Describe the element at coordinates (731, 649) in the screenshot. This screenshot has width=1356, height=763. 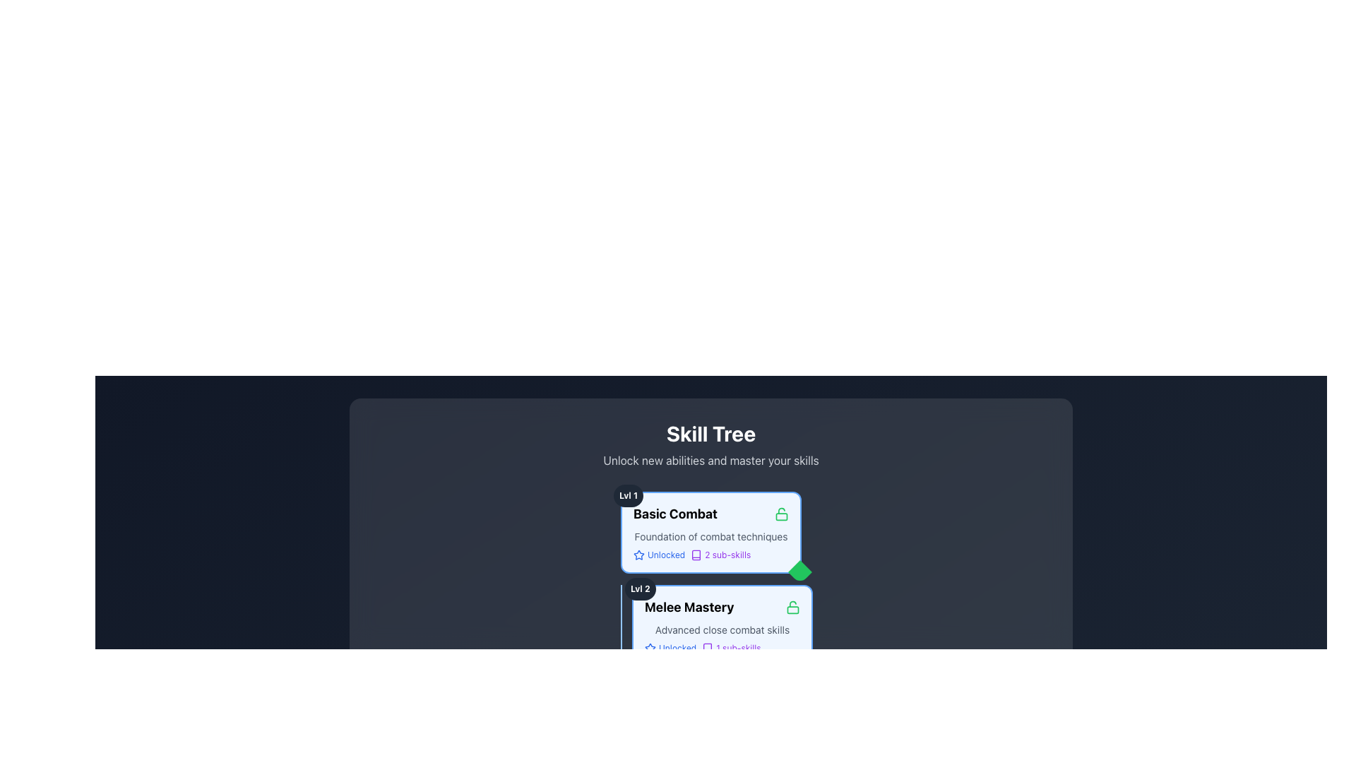
I see `the text label '1 sub-skills' with a small book icon, which is located within the 'Melee Mastery' card, positioned below the 'Unlocked' status` at that location.